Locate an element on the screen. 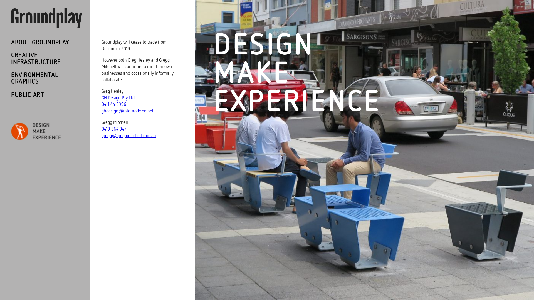  'ABOUT GROUNDPLAY' is located at coordinates (40, 42).